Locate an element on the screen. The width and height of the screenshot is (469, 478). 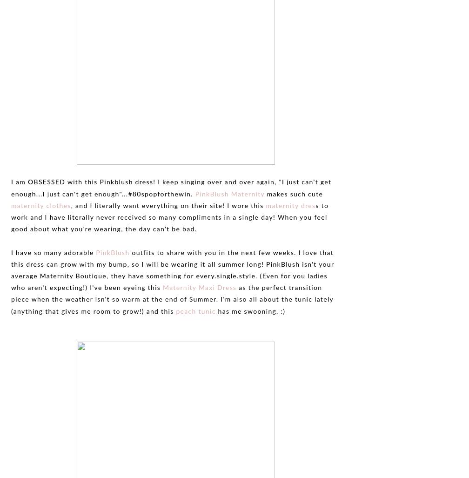
'makes such cute' is located at coordinates (264, 193).